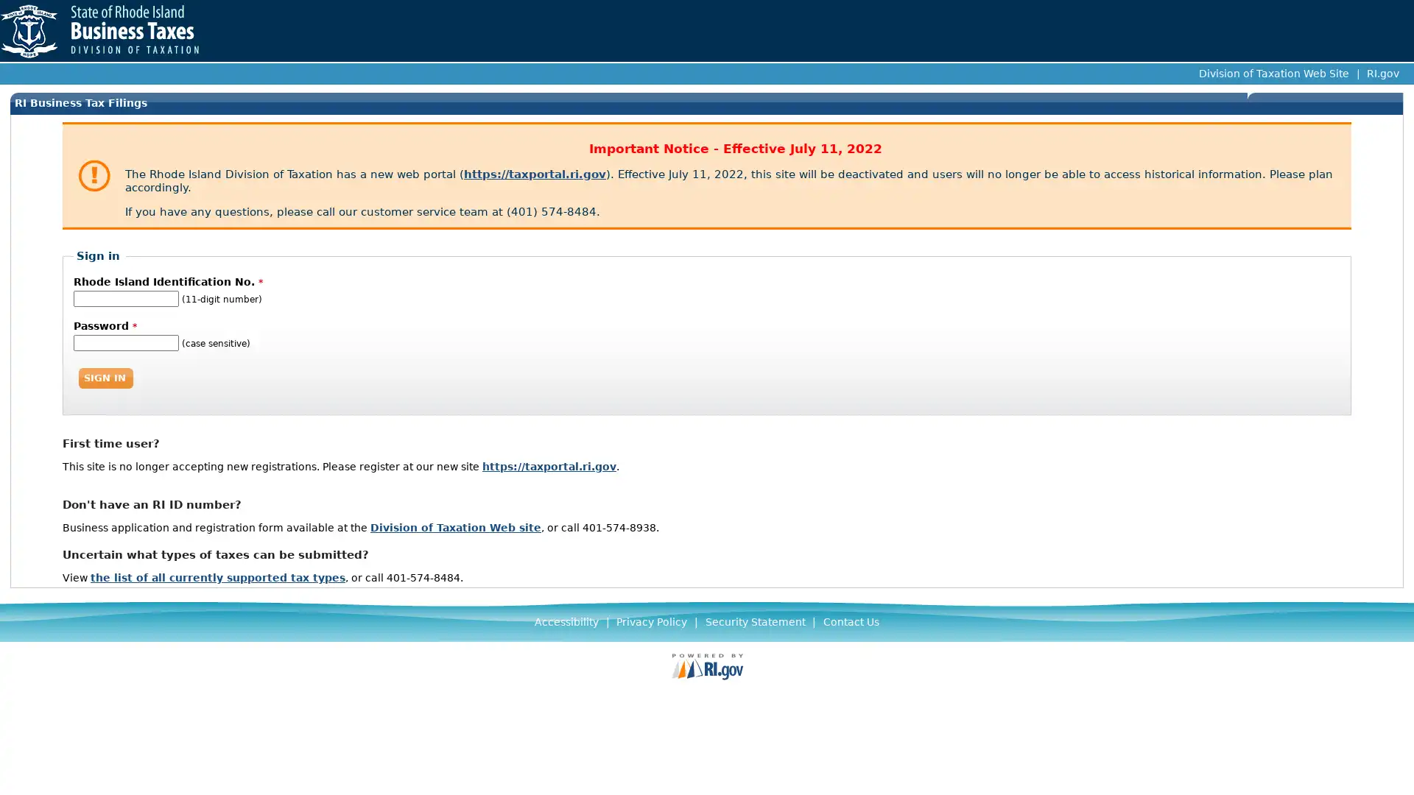  I want to click on SIGN IN, so click(105, 377).